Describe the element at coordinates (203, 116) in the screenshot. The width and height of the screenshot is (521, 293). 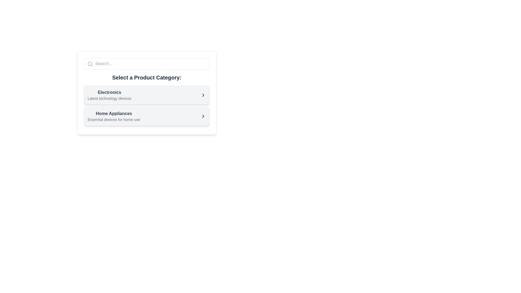
I see `the chevron arrow icon located towards the right edge of the 'Home Appliances' list item` at that location.